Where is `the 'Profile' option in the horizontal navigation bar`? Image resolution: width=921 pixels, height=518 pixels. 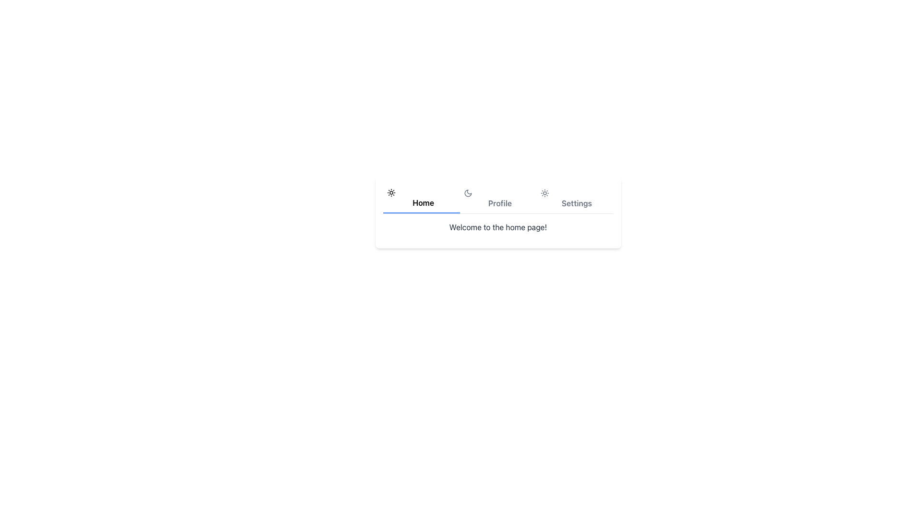
the 'Profile' option in the horizontal navigation bar is located at coordinates (498, 199).